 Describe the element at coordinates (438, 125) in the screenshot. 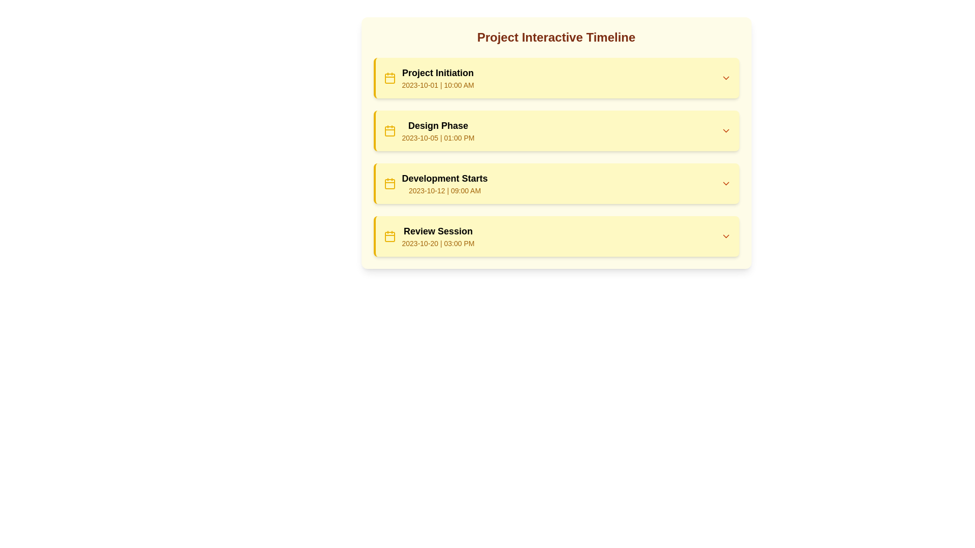

I see `text from the 'Design Phase' label, which is displayed in bold sans-serif font on a light yellow background, located under the header 'Project Interactive Timeline'` at that location.